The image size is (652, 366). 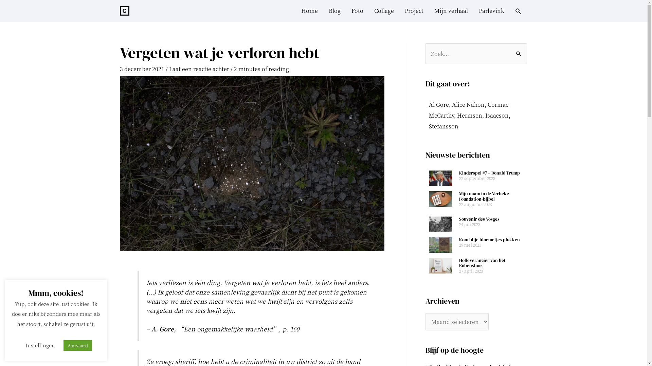 What do you see at coordinates (384, 11) in the screenshot?
I see `'Collage'` at bounding box center [384, 11].